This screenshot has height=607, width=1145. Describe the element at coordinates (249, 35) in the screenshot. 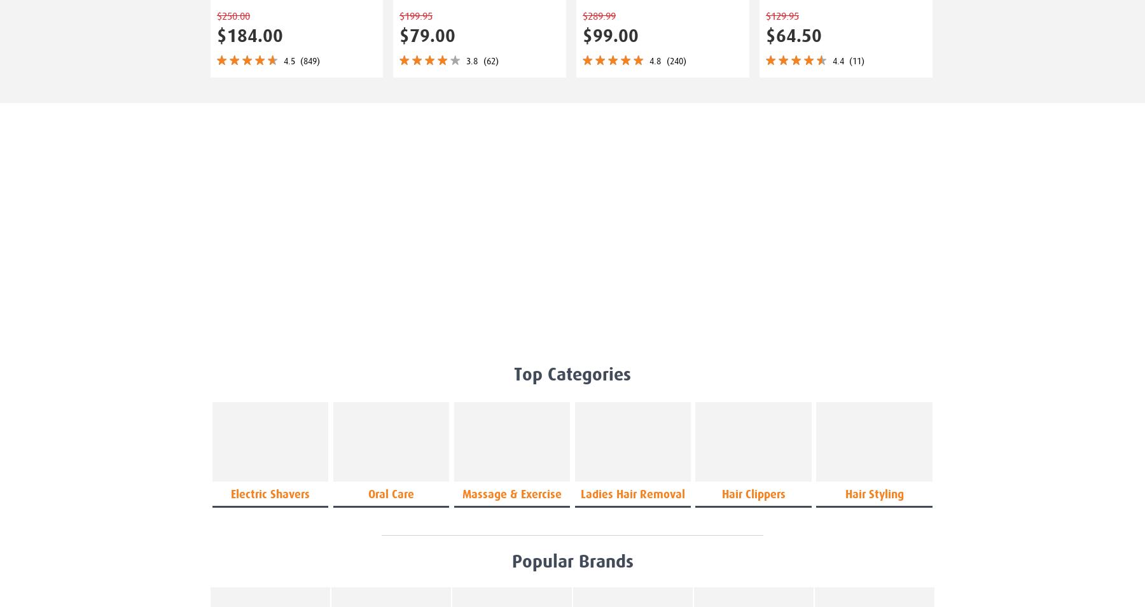

I see `'$184.00'` at that location.